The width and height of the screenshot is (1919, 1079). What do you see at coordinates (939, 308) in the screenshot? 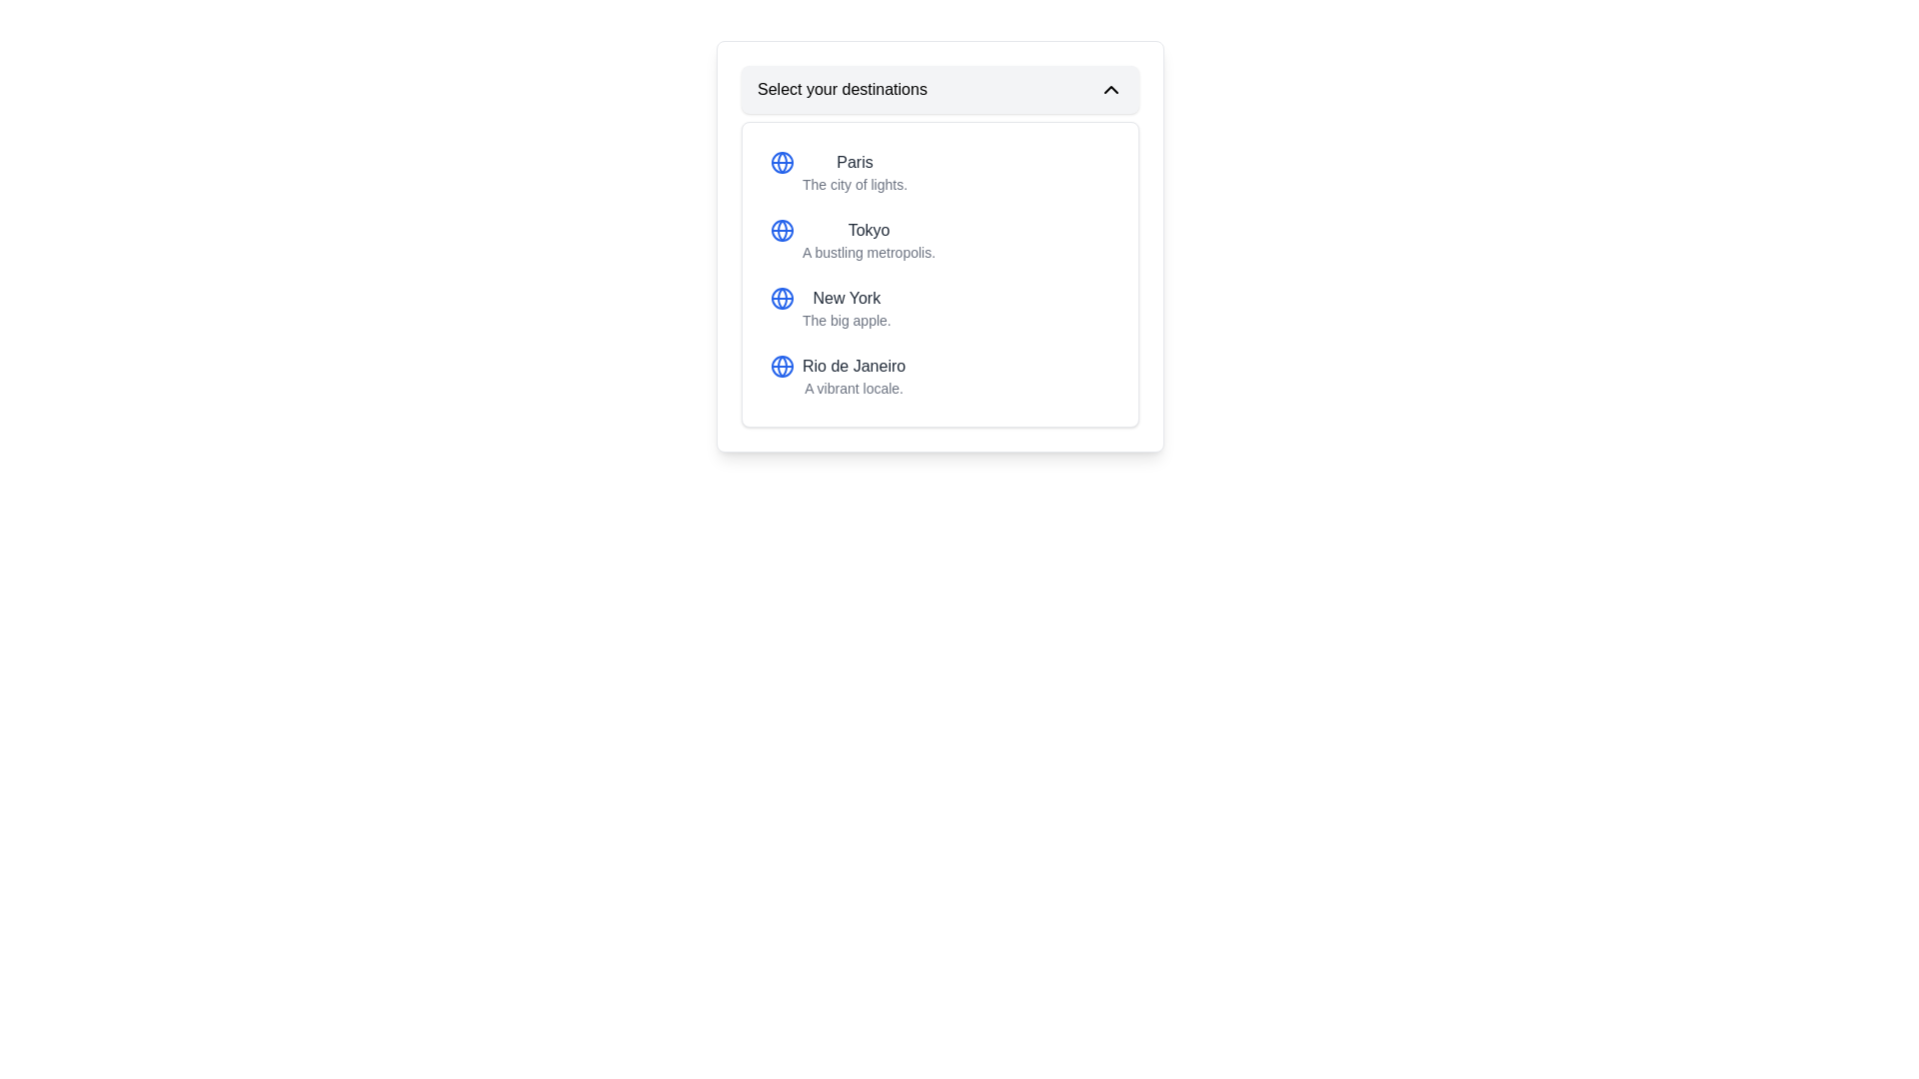
I see `the selectable list item labeled 'New York' in the 'Select your destinations' dropdown` at bounding box center [939, 308].